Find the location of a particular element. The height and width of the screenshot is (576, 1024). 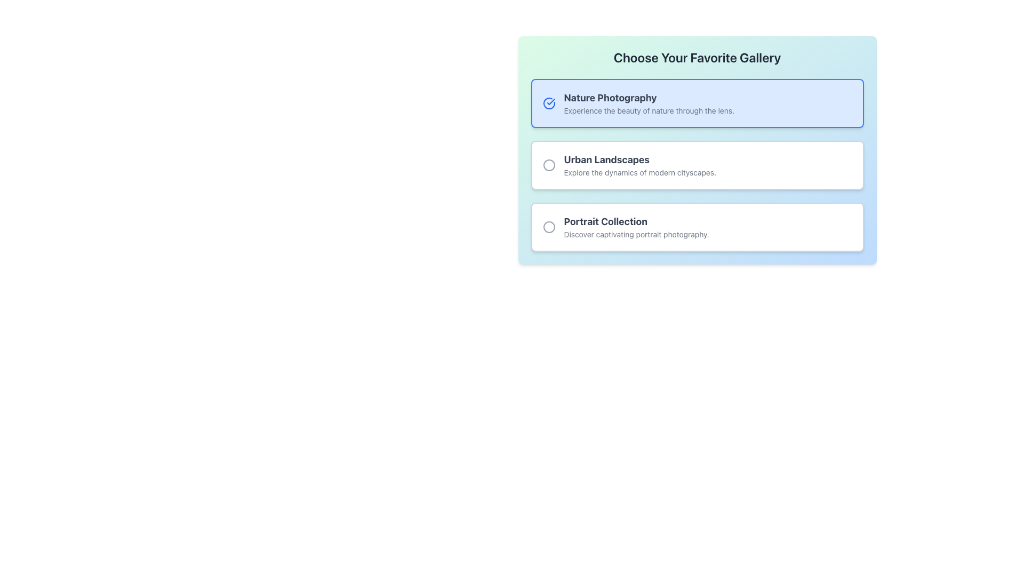

the text label that serves as the title for the 'Portrait Collection' gallery option located at the top portion of the content block is located at coordinates (636, 221).